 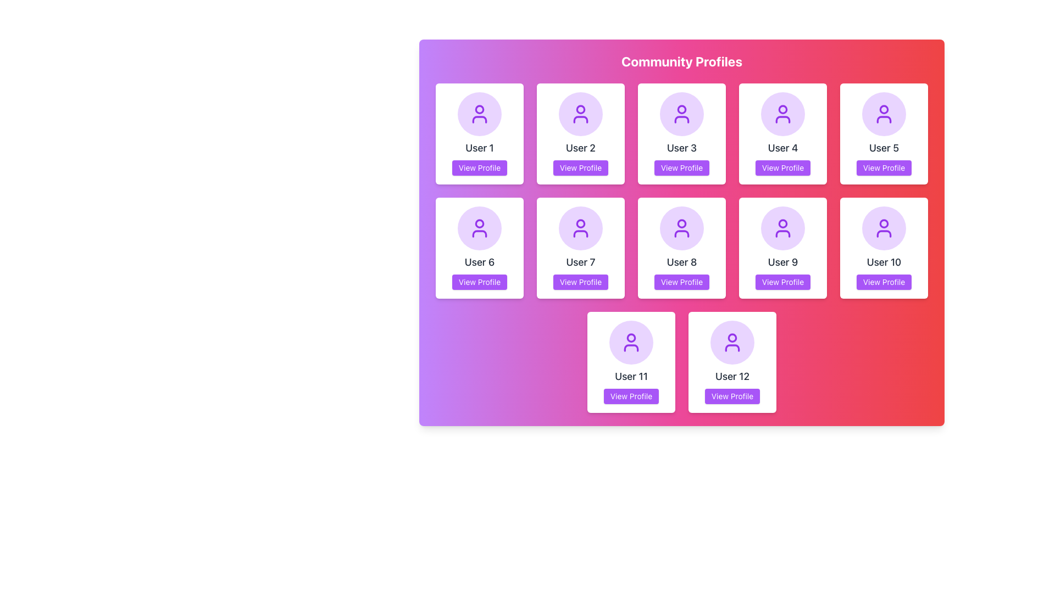 I want to click on the Text Label displaying the user's name or identifier in the Community Profiles grid layout, located in the third row and second column, positioned between a circular avatar icon and the View Profile button, so click(x=580, y=262).